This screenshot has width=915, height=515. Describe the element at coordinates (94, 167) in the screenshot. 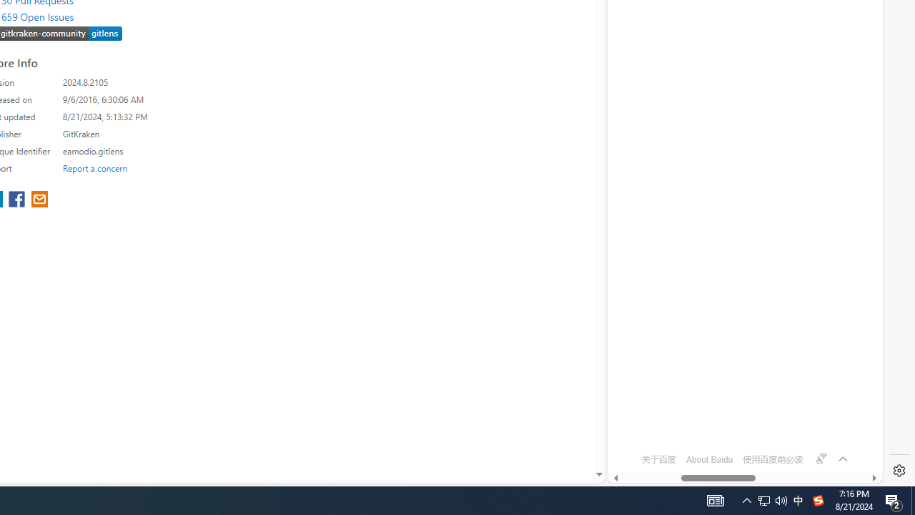

I see `'Report a concern'` at that location.